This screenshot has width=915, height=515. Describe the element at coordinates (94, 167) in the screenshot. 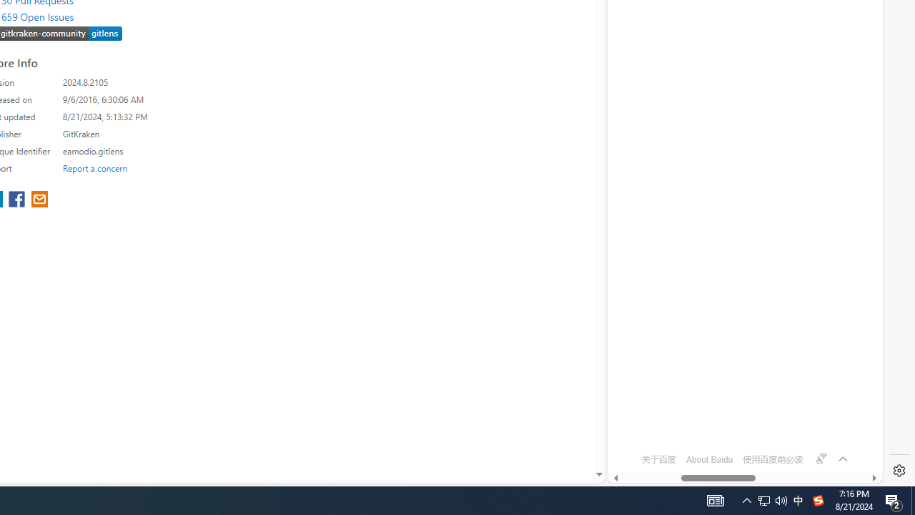

I see `'Report a concern'` at that location.